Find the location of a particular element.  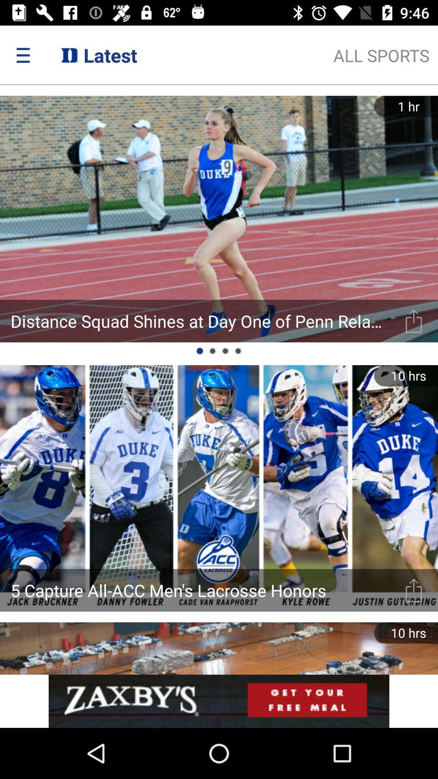

advertisement is located at coordinates (219, 701).